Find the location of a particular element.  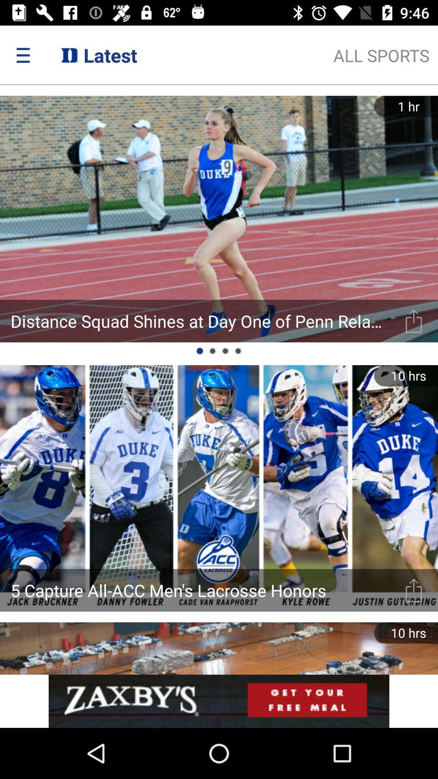

advertisement is located at coordinates (219, 701).